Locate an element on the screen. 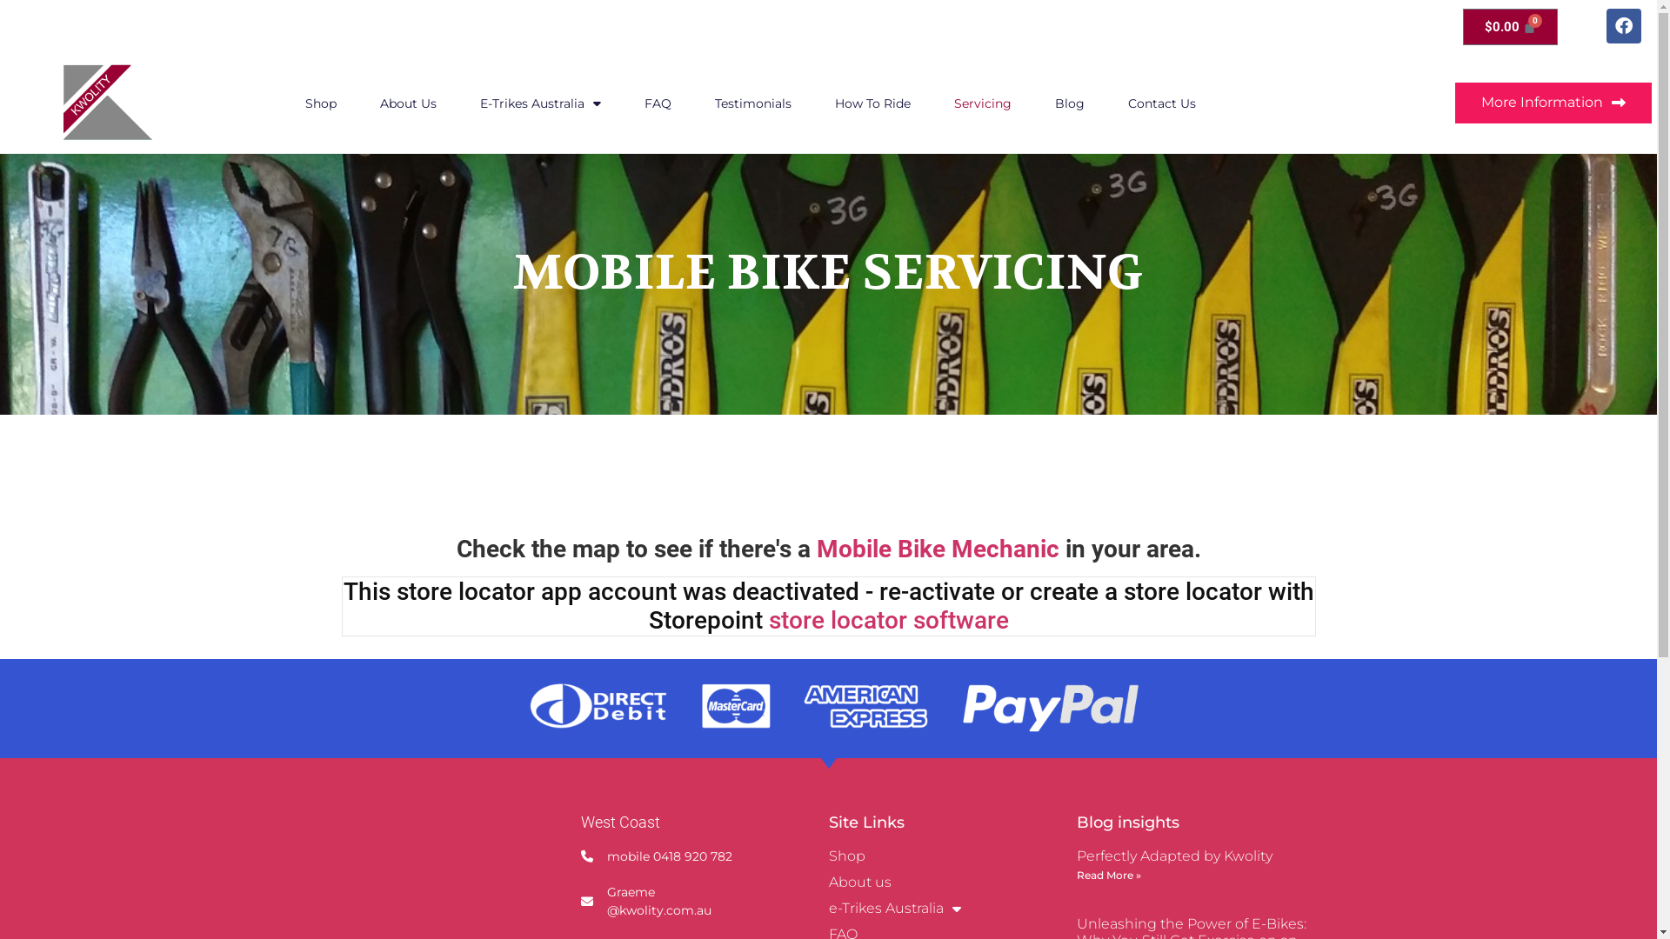 This screenshot has height=939, width=1670. '$0.00 is located at coordinates (1510, 26).